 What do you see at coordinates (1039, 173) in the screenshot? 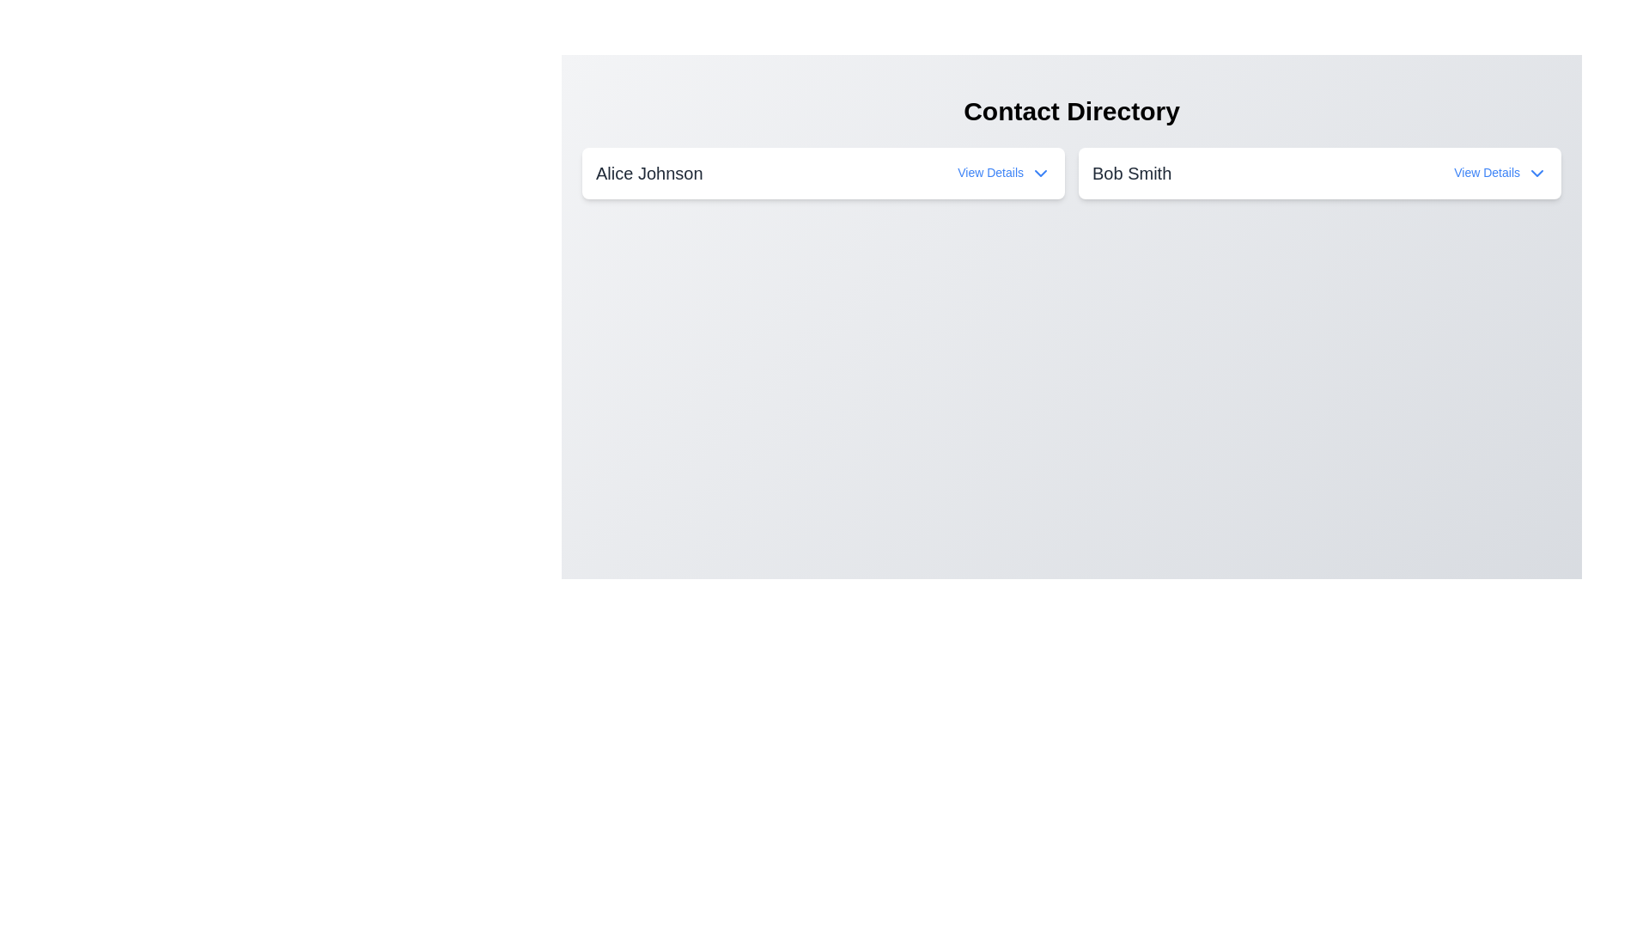
I see `the small downward-pointing chevron arrow icon located to the right of the 'View Details' text` at bounding box center [1039, 173].